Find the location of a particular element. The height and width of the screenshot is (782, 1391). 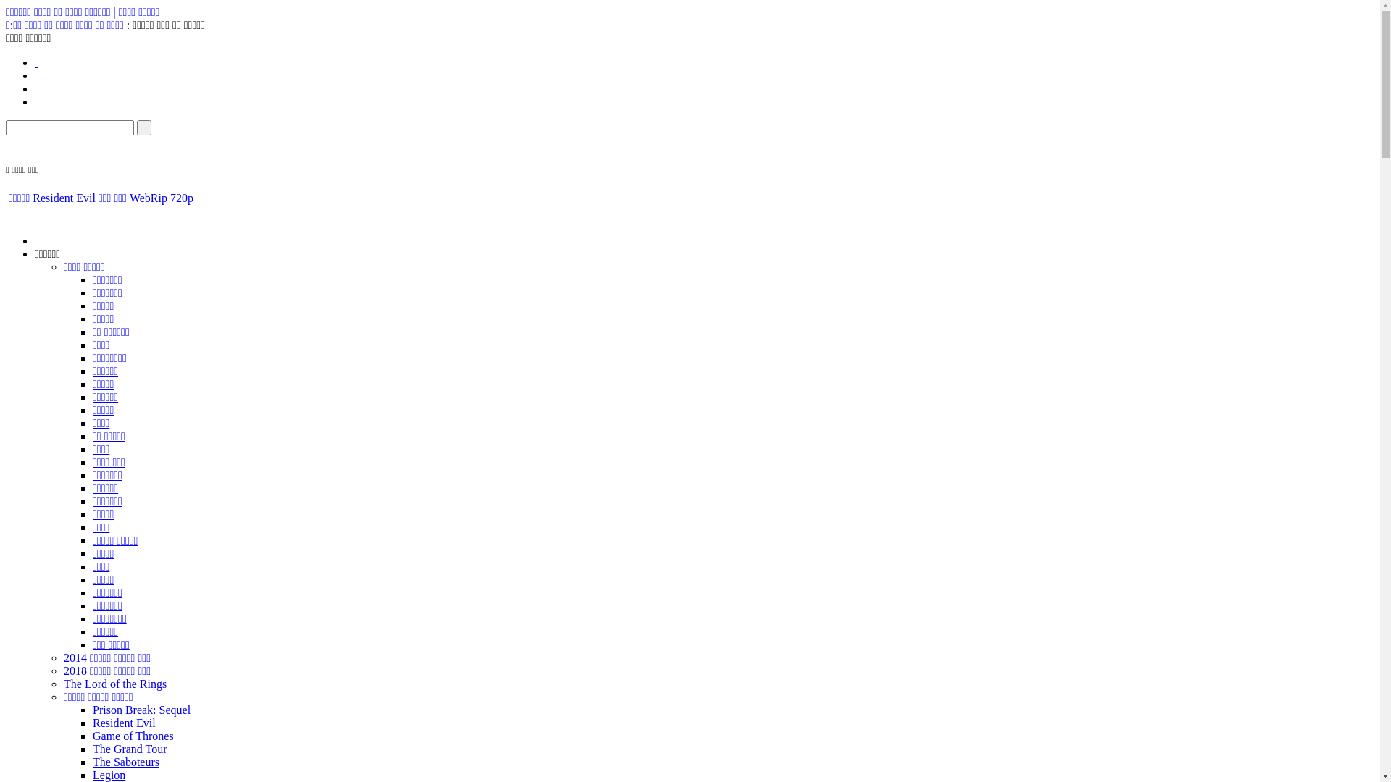

'Legion' is located at coordinates (108, 774).